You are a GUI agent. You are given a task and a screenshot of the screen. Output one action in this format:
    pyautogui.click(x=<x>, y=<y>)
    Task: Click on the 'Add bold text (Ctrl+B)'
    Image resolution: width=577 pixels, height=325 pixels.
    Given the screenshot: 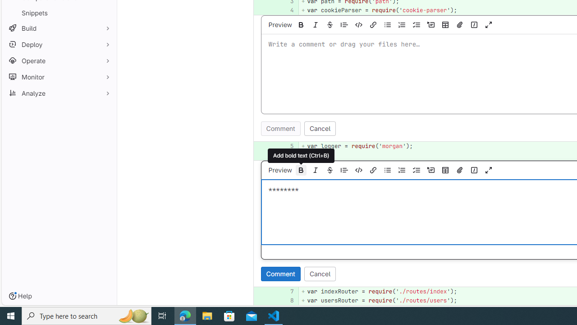 What is the action you would take?
    pyautogui.click(x=301, y=170)
    